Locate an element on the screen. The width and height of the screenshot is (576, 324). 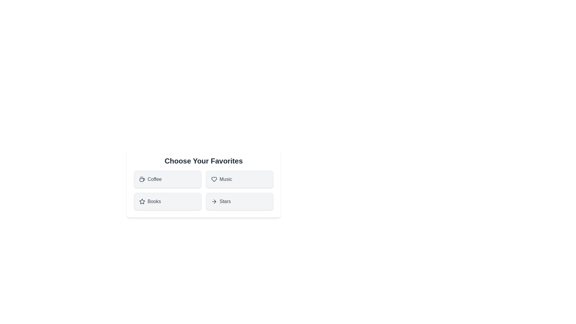
the bottom-right button in the grid layout is located at coordinates (239, 201).